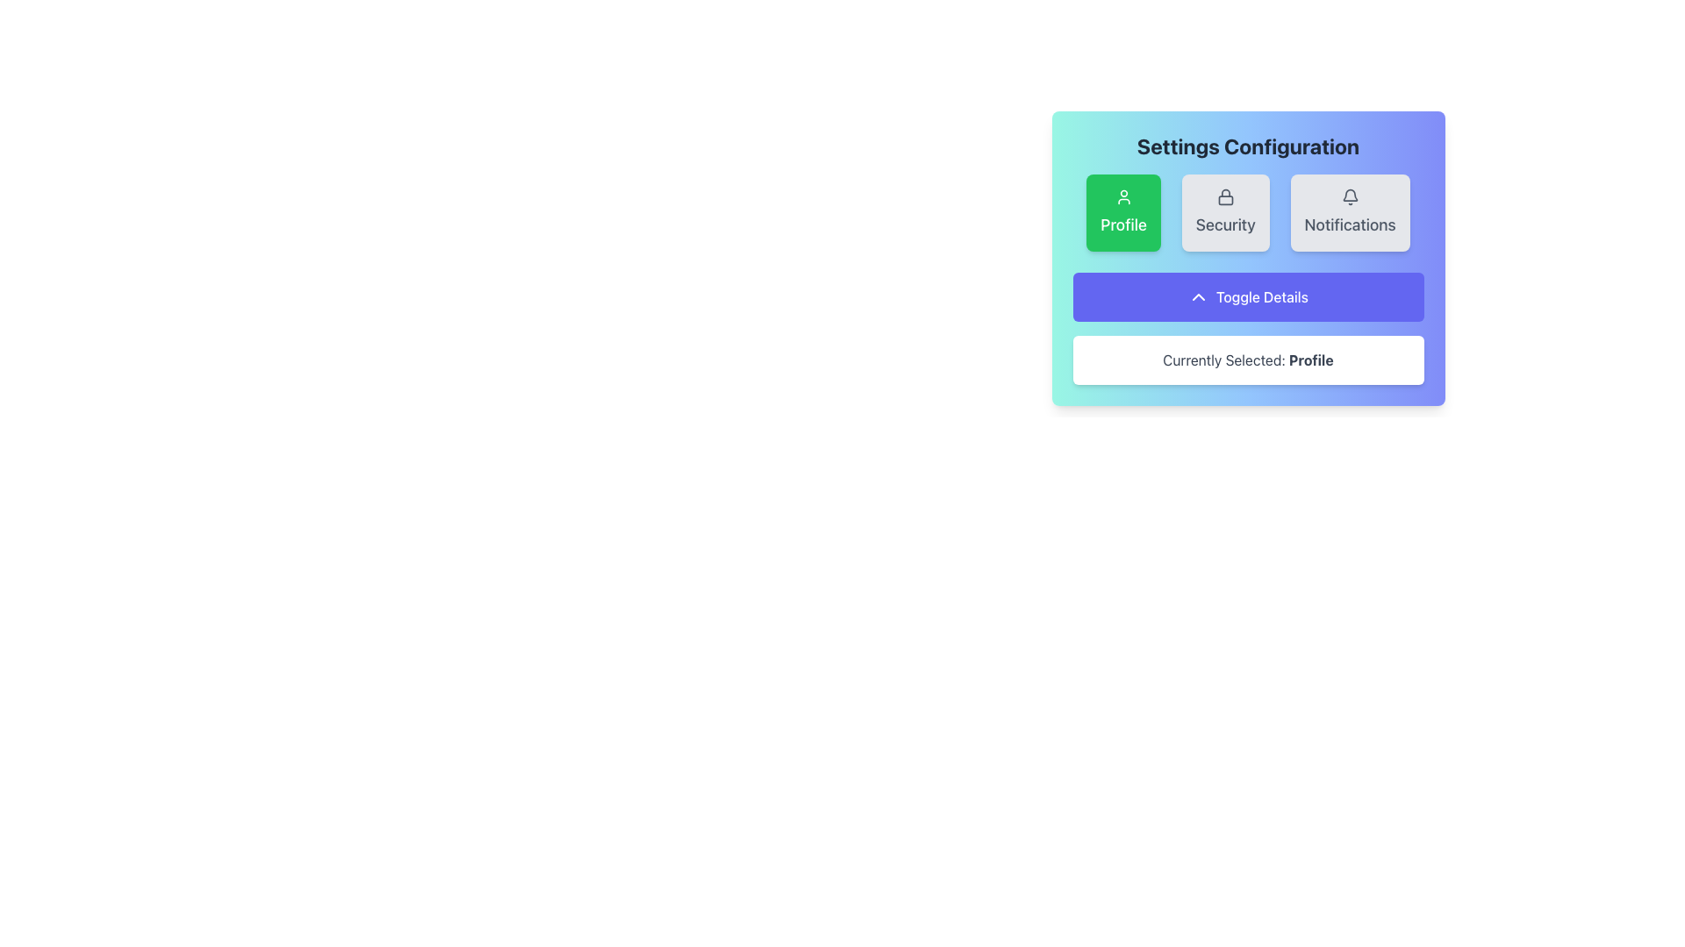 The image size is (1685, 947). What do you see at coordinates (1123, 212) in the screenshot?
I see `the green 'Profile' button with rounded edges, which is the first button in the settings configuration section` at bounding box center [1123, 212].